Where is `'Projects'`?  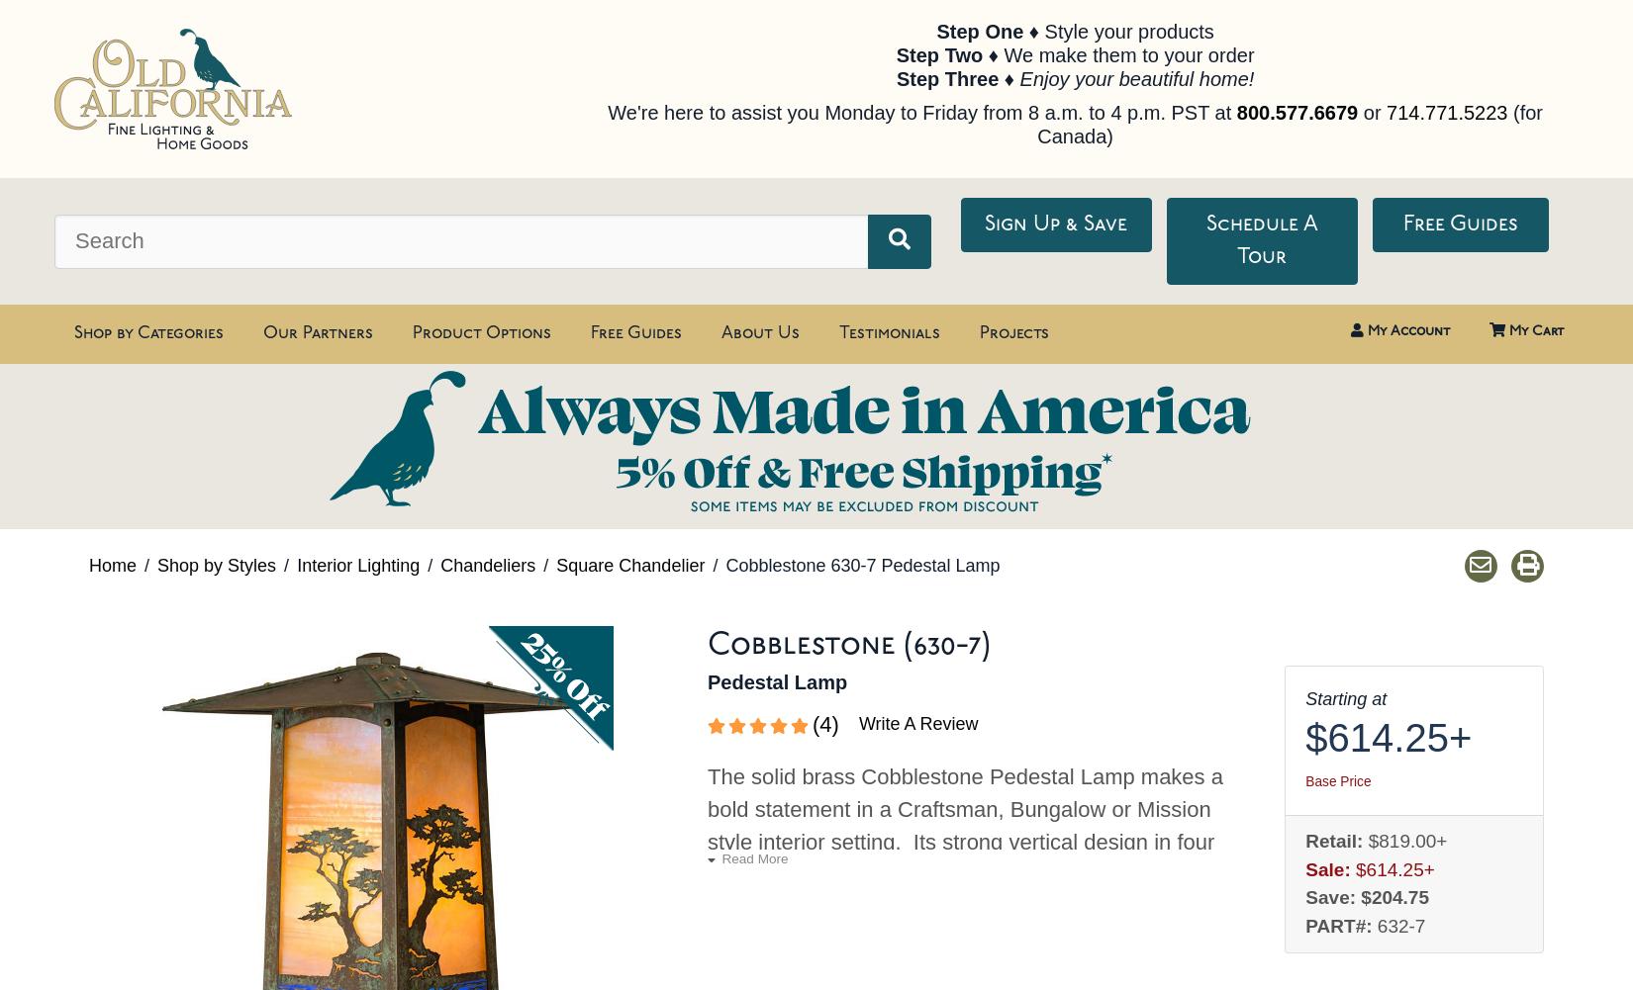 'Projects' is located at coordinates (1013, 333).